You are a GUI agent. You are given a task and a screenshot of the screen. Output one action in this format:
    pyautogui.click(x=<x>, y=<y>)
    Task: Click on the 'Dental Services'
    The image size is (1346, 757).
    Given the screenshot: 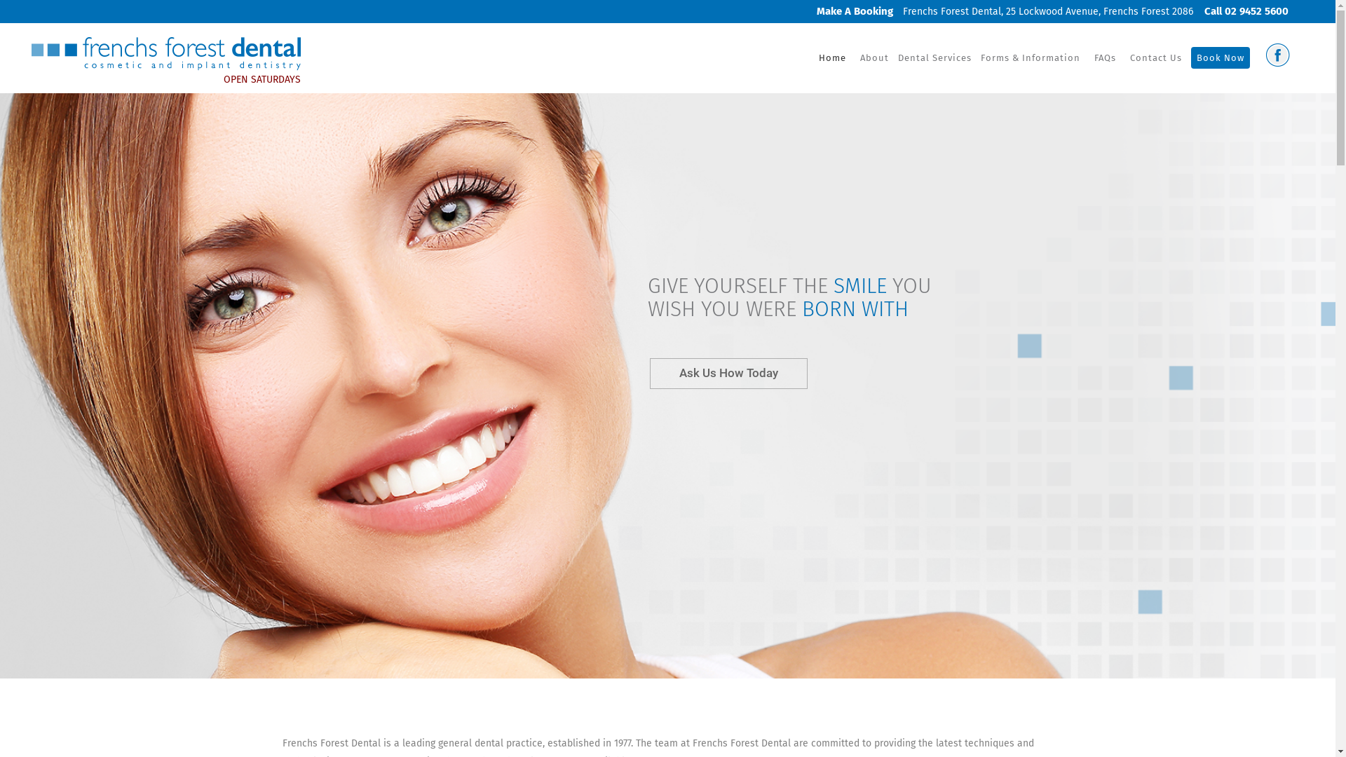 What is the action you would take?
    pyautogui.click(x=895, y=57)
    